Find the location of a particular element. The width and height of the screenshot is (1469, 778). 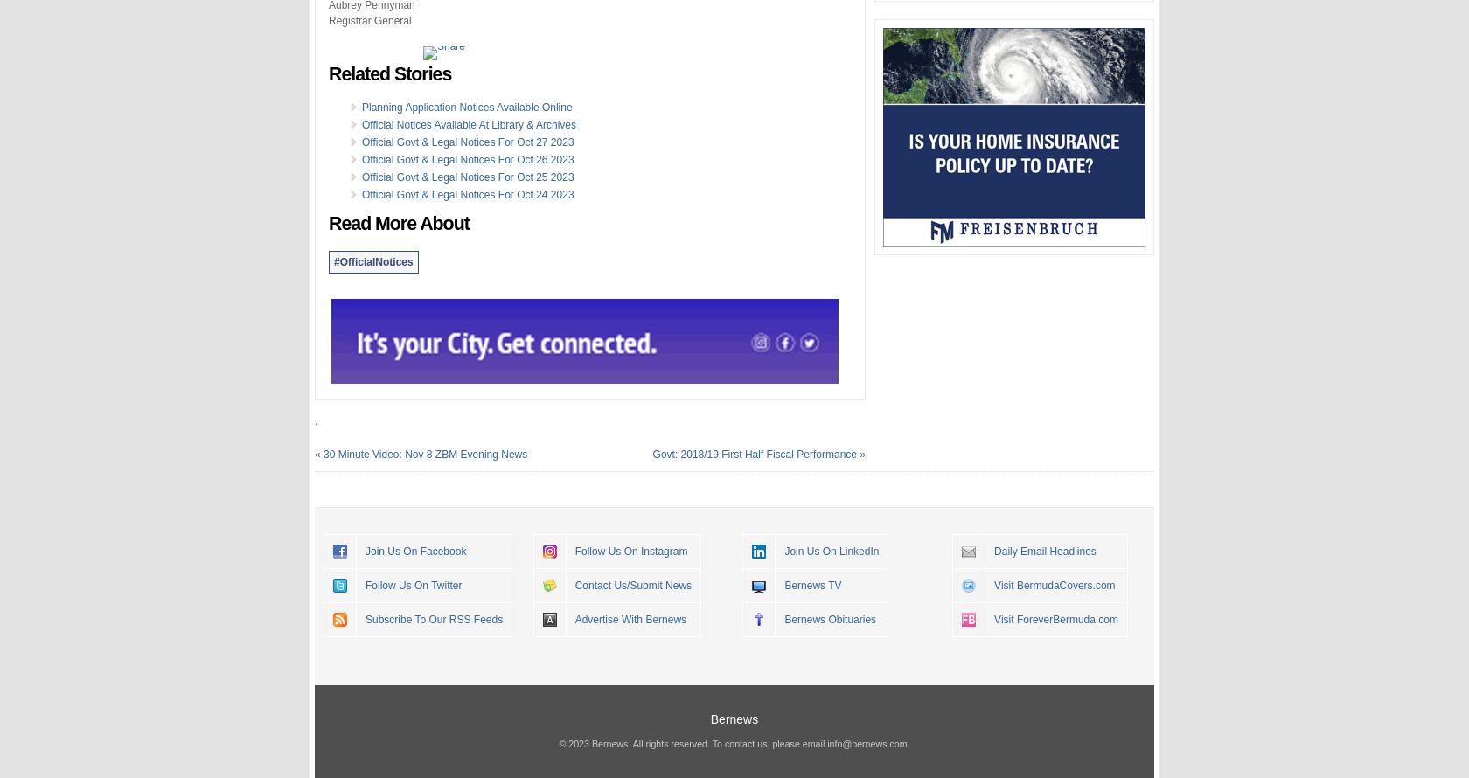

'Bernews Obituaries' is located at coordinates (830, 617).